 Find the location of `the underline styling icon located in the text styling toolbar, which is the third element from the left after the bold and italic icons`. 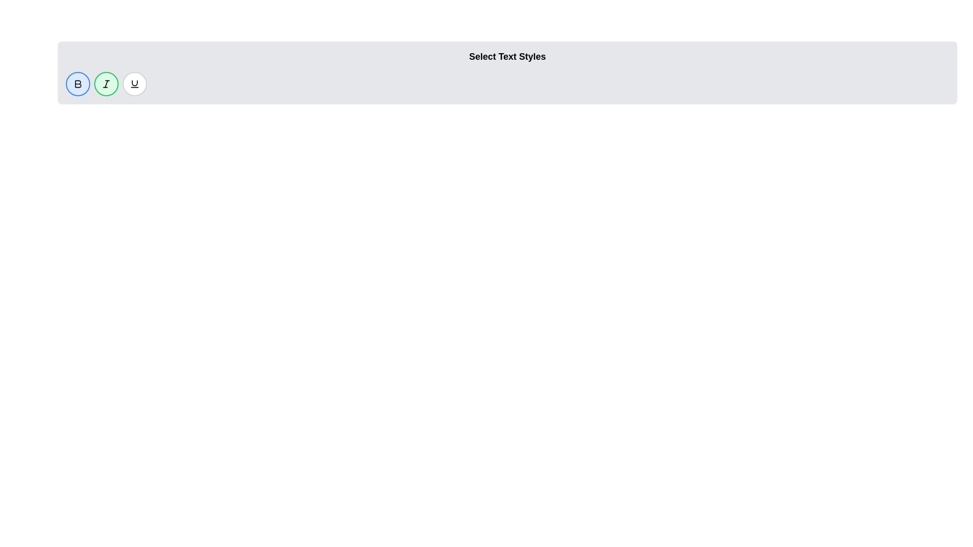

the underline styling icon located in the text styling toolbar, which is the third element from the left after the bold and italic icons is located at coordinates (134, 83).